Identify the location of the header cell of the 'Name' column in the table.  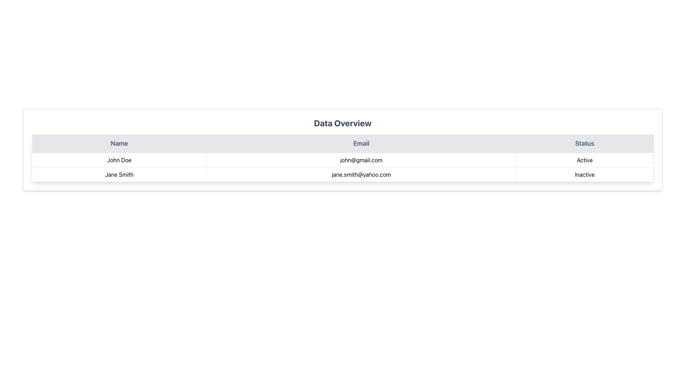
(119, 143).